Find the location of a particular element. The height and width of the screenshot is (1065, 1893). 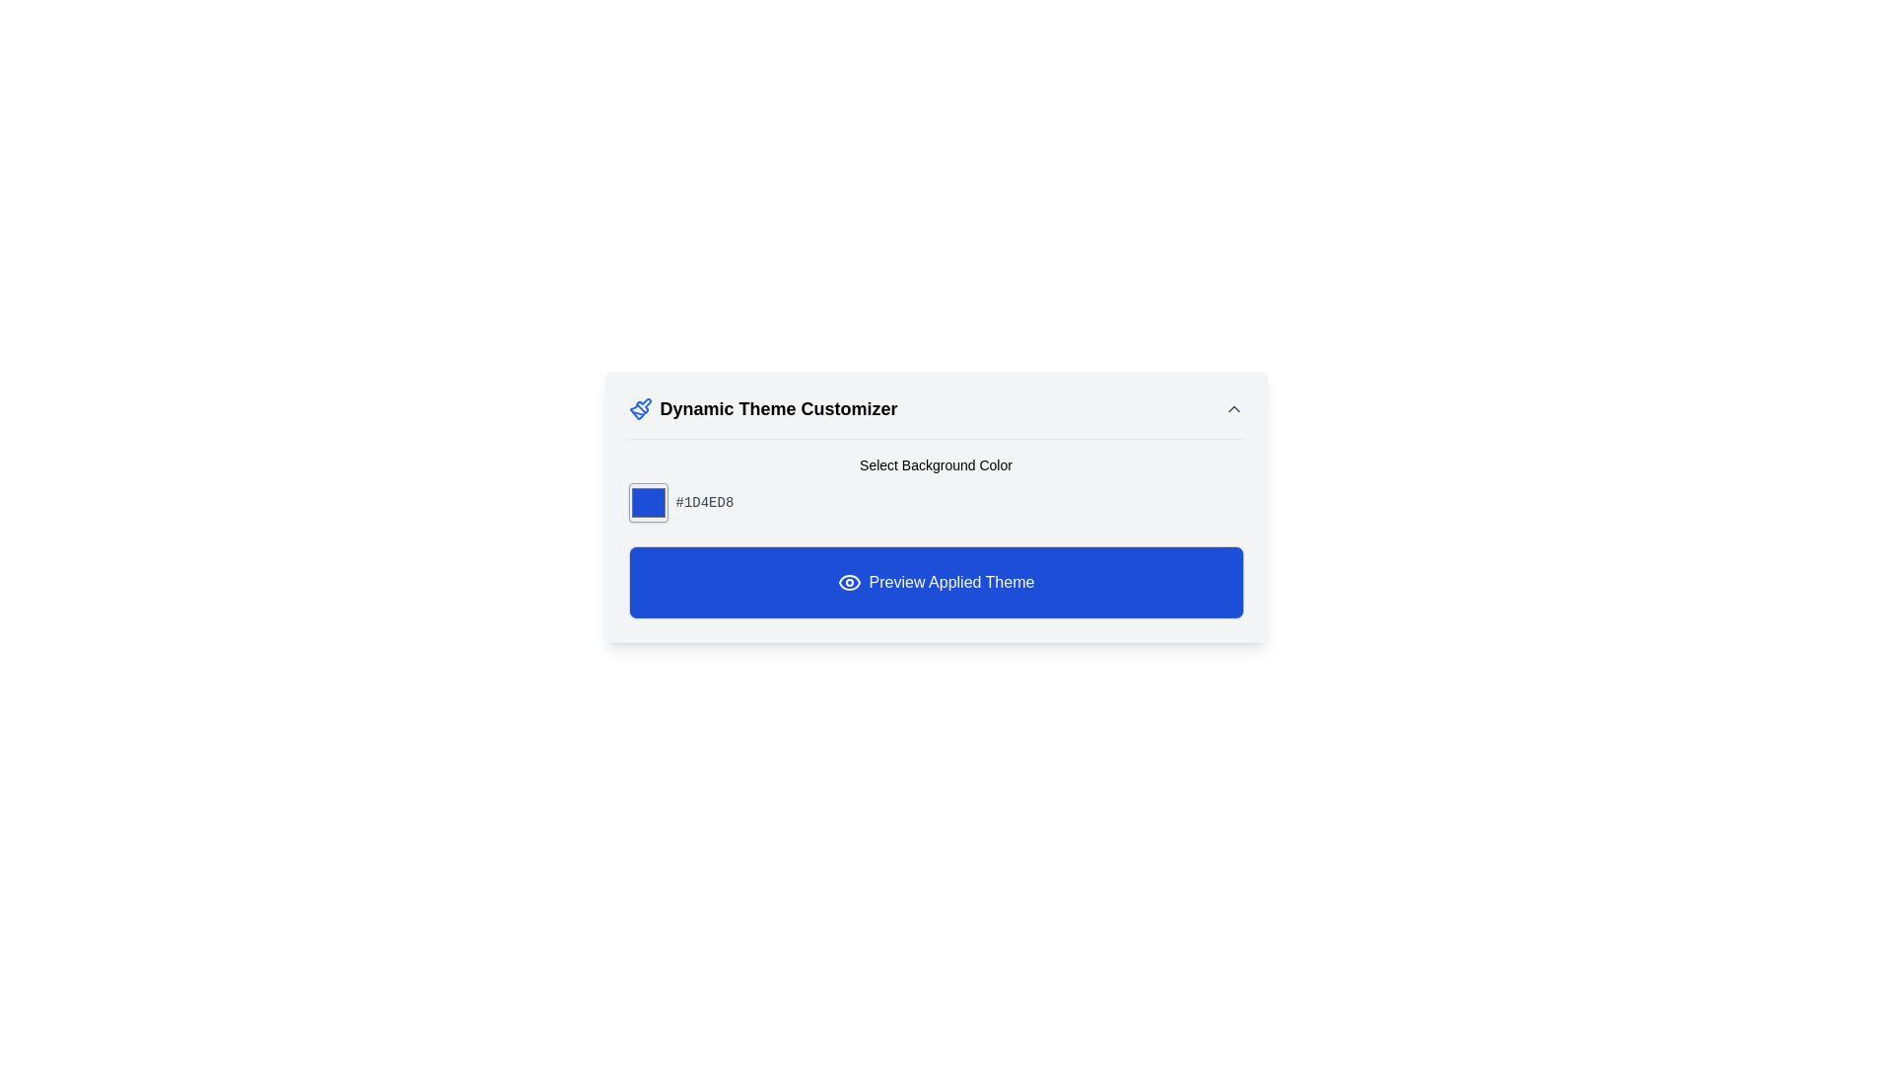

the blue paintbrush icon located to the left of the 'Dynamic Theme Customizer' text, indicating theming or appearance customization functionality is located at coordinates (640, 408).